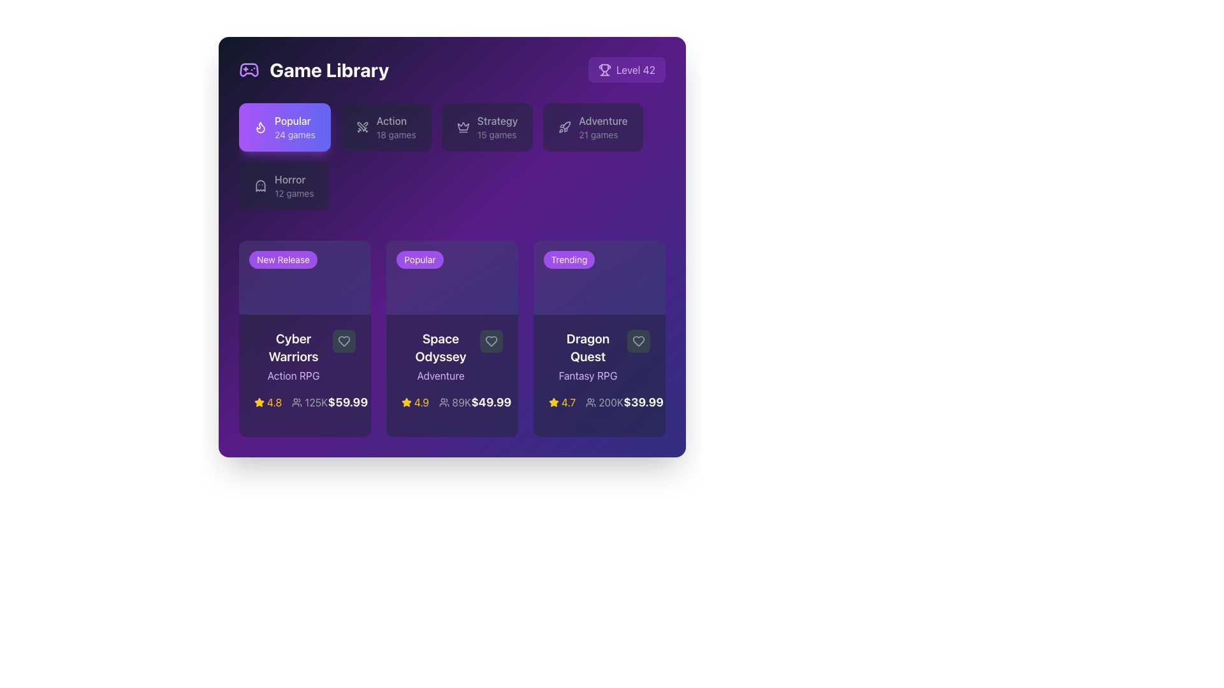  Describe the element at coordinates (599, 375) in the screenshot. I see `the 'Dragon Quest' card component` at that location.